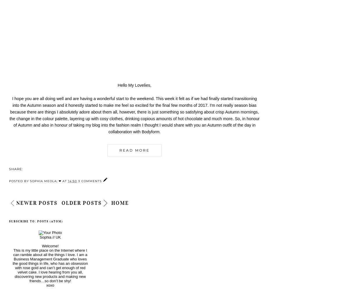 The width and height of the screenshot is (351, 293). What do you see at coordinates (23, 221) in the screenshot?
I see `'Subscribe to:'` at bounding box center [23, 221].